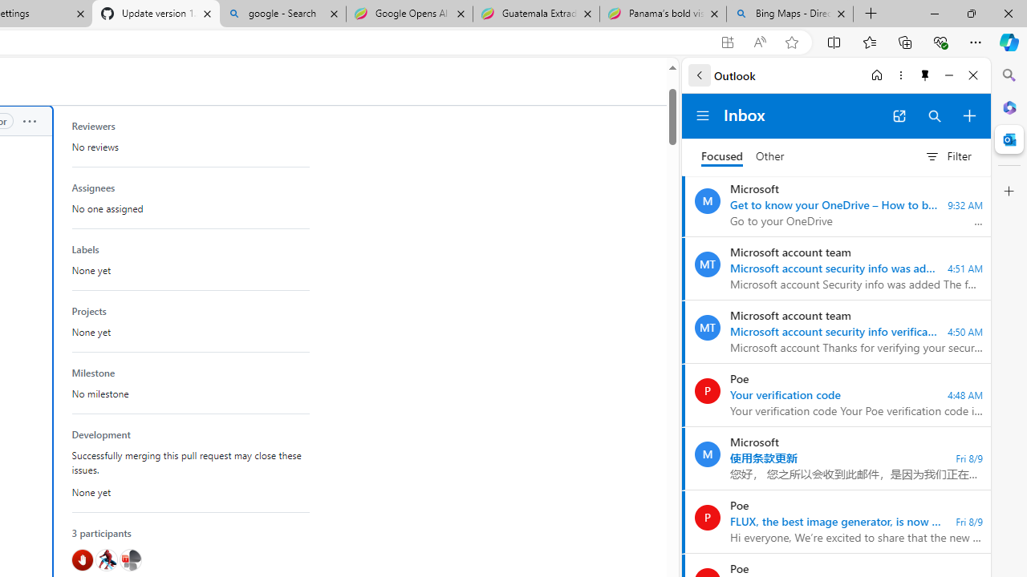  I want to click on 'Folder navigation', so click(703, 115).